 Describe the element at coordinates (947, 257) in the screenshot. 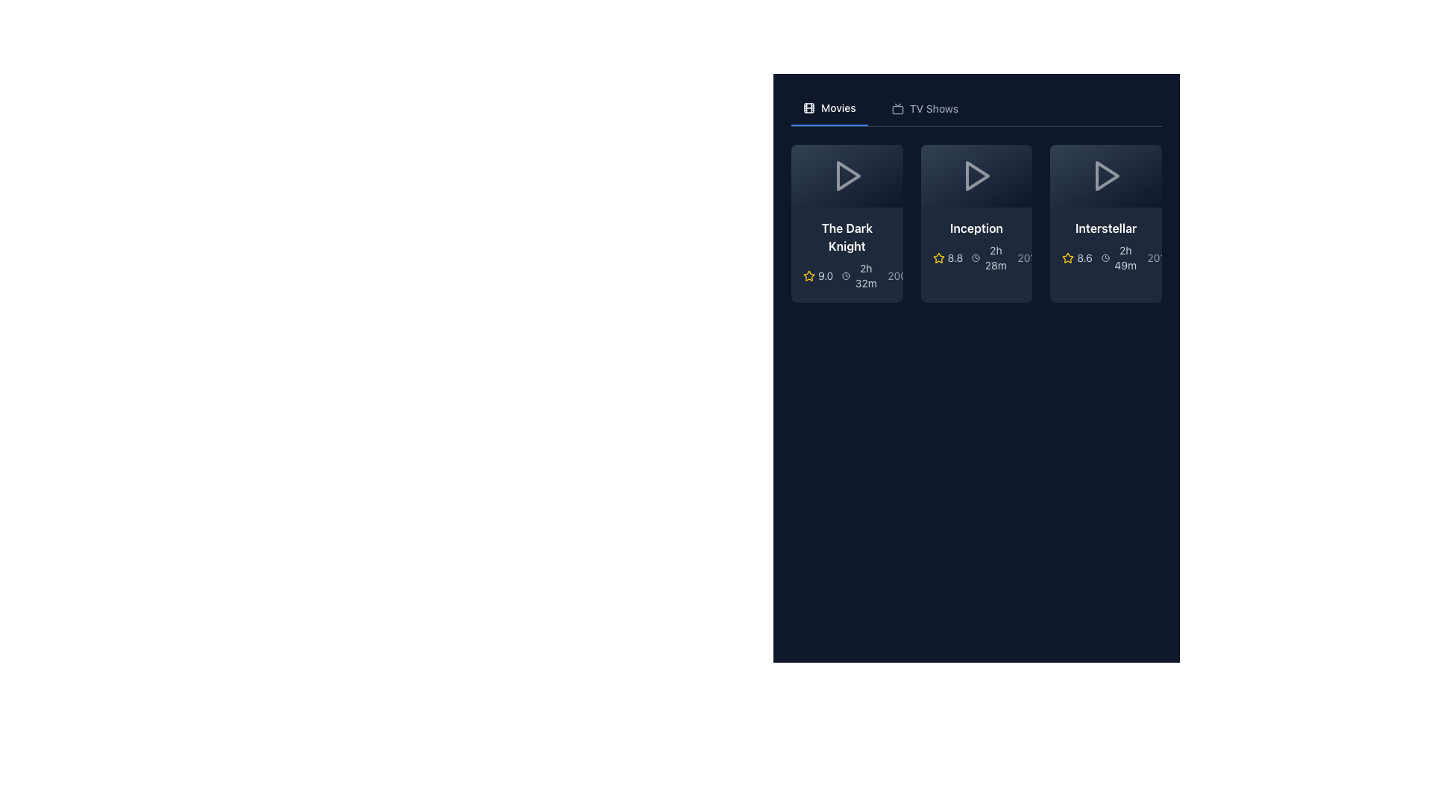

I see `the Rating Display element that shows the rating for the movie 'Inception', located beneath the title and to the left of the '2h 28m' element` at that location.